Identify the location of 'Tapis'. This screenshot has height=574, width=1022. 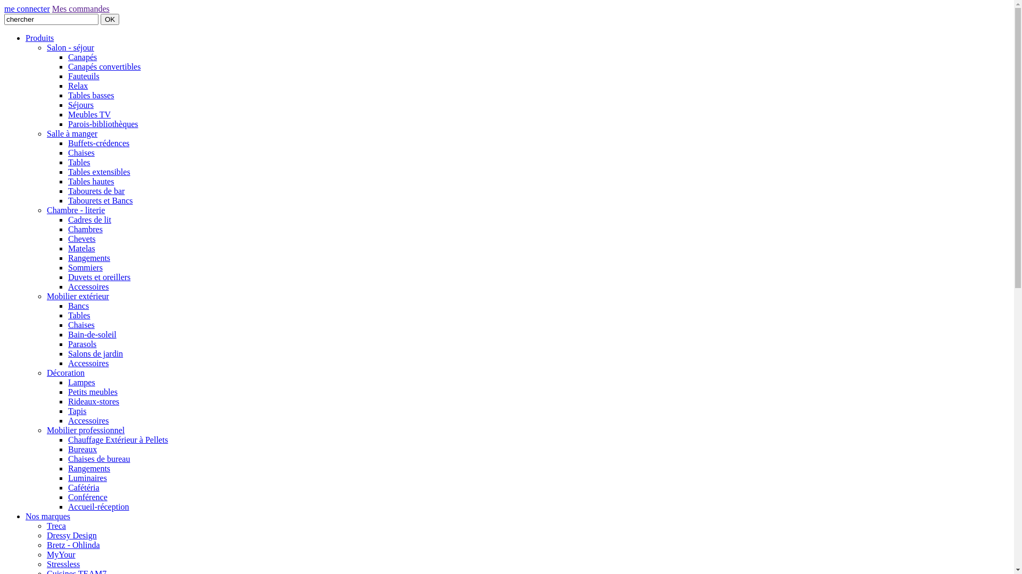
(76, 410).